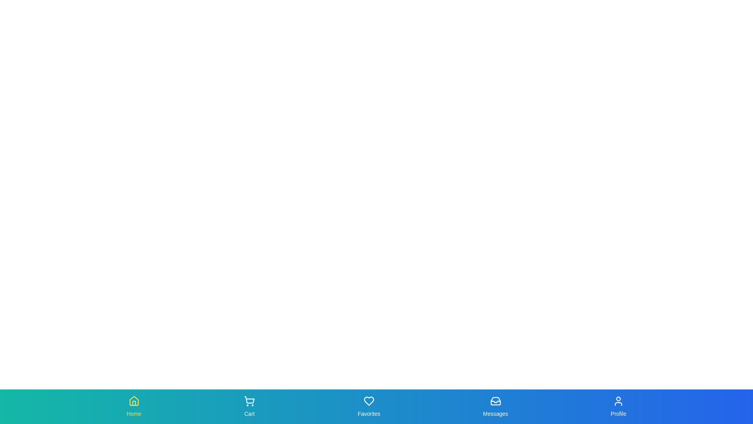  Describe the element at coordinates (134, 406) in the screenshot. I see `the tab labeled Home to view the scale effect` at that location.